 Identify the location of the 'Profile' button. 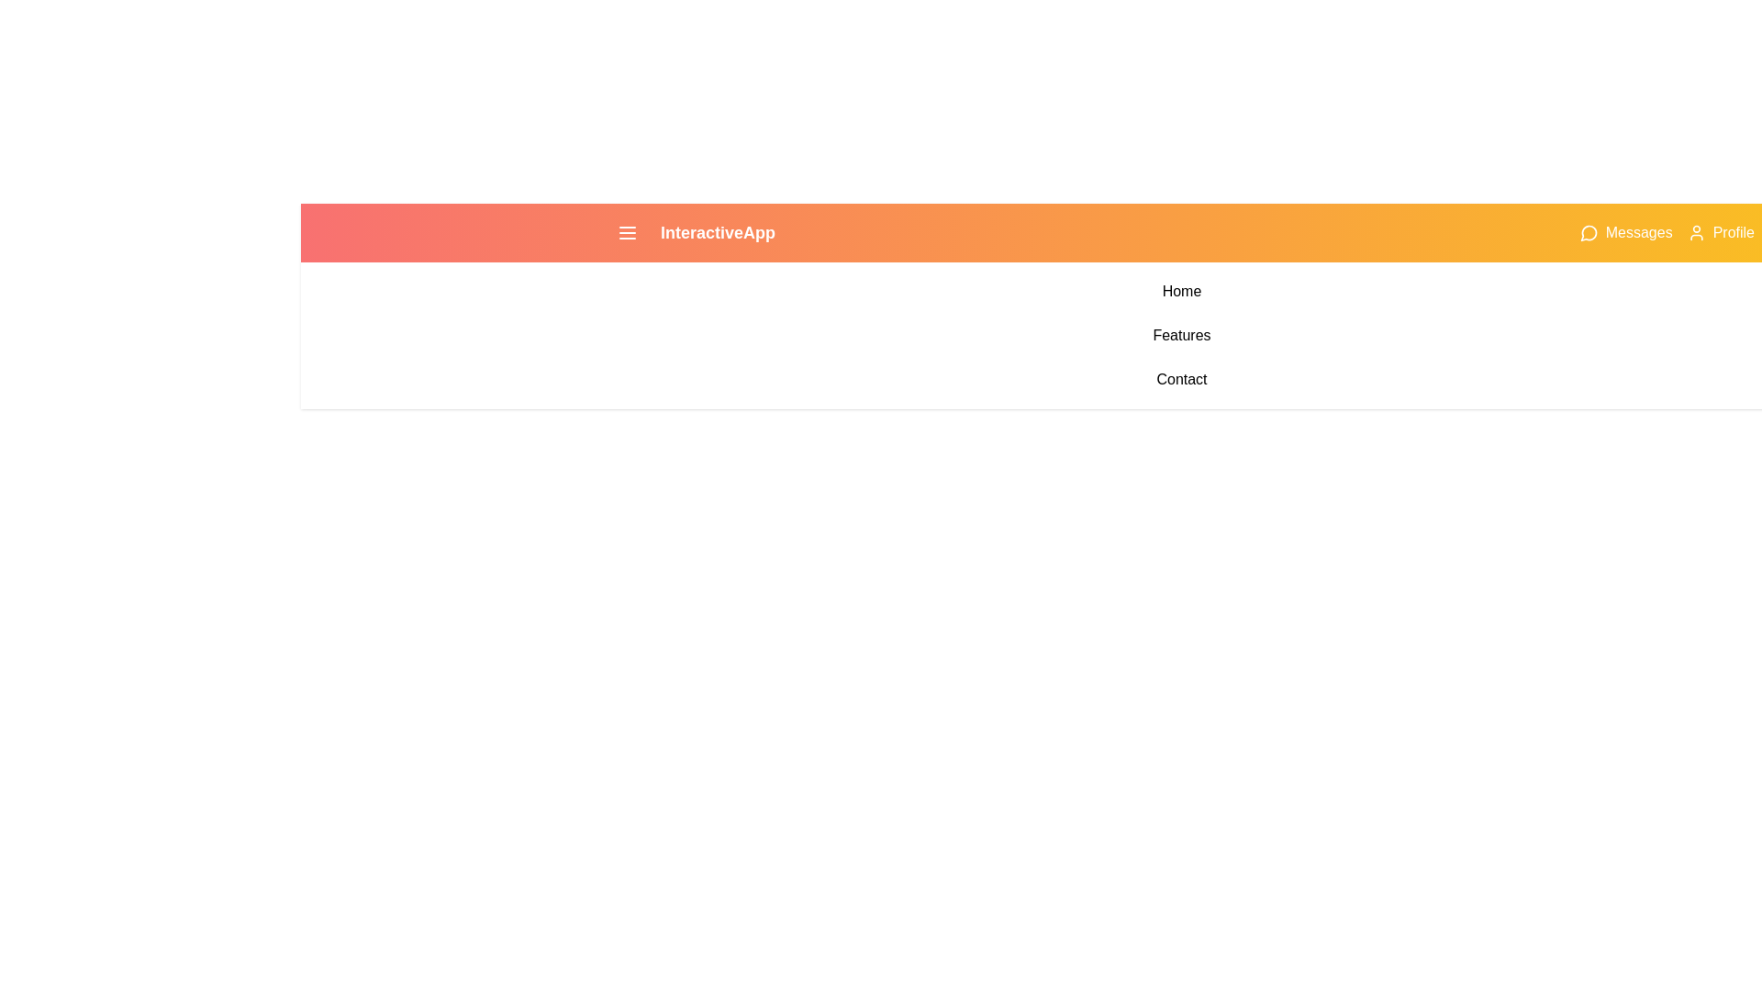
(1720, 232).